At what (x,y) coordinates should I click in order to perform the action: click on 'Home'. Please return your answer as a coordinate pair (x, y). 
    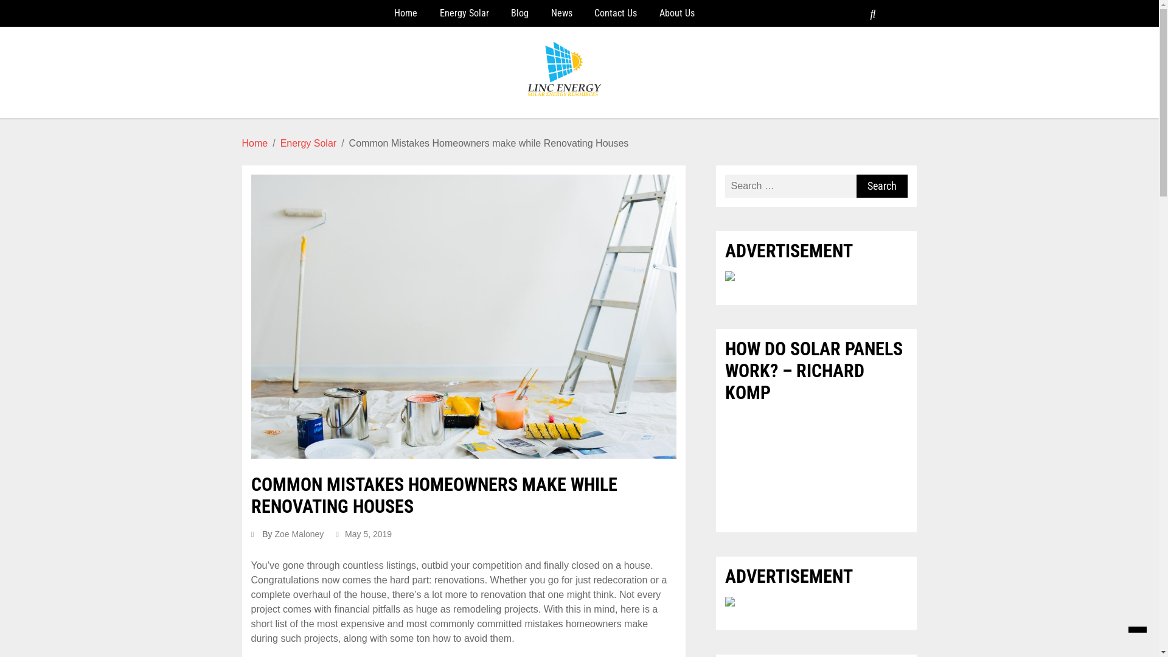
    Looking at the image, I should click on (254, 142).